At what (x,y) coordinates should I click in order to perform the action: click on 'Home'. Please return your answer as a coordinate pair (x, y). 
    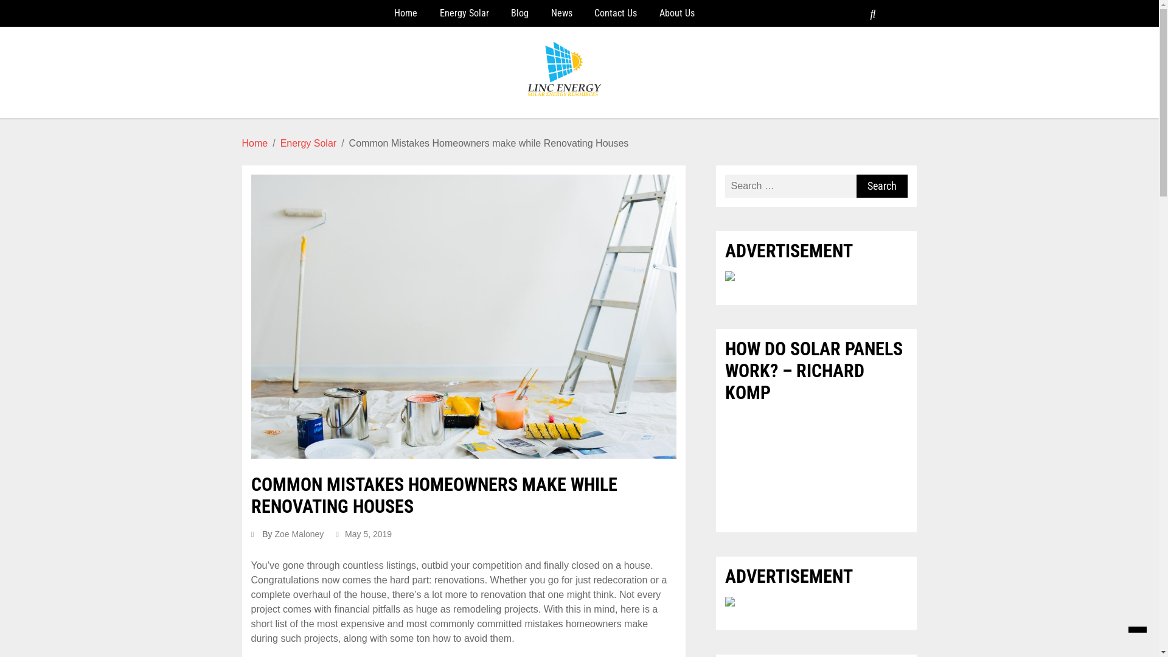
    Looking at the image, I should click on (254, 142).